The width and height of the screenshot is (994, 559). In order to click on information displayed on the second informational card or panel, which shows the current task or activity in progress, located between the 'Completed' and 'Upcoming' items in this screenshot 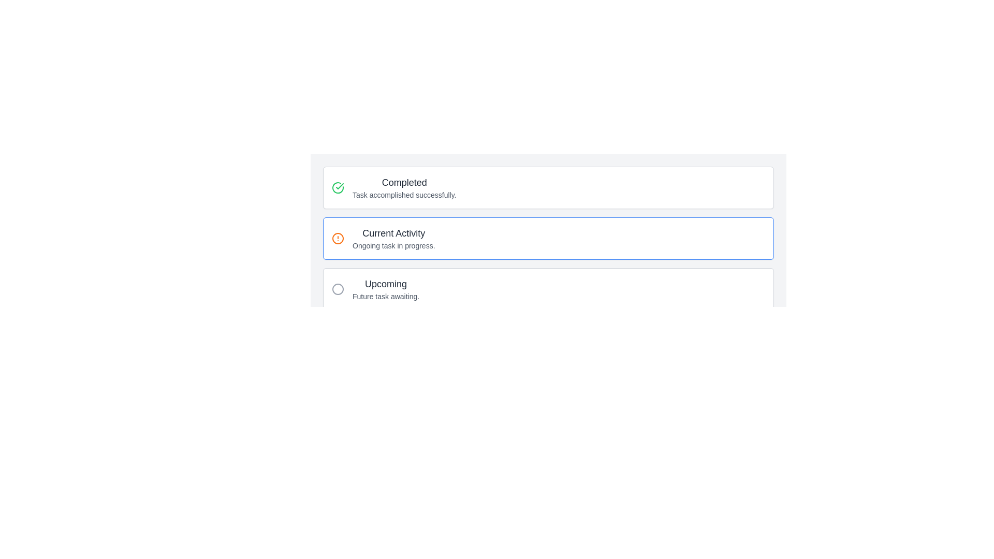, I will do `click(548, 239)`.